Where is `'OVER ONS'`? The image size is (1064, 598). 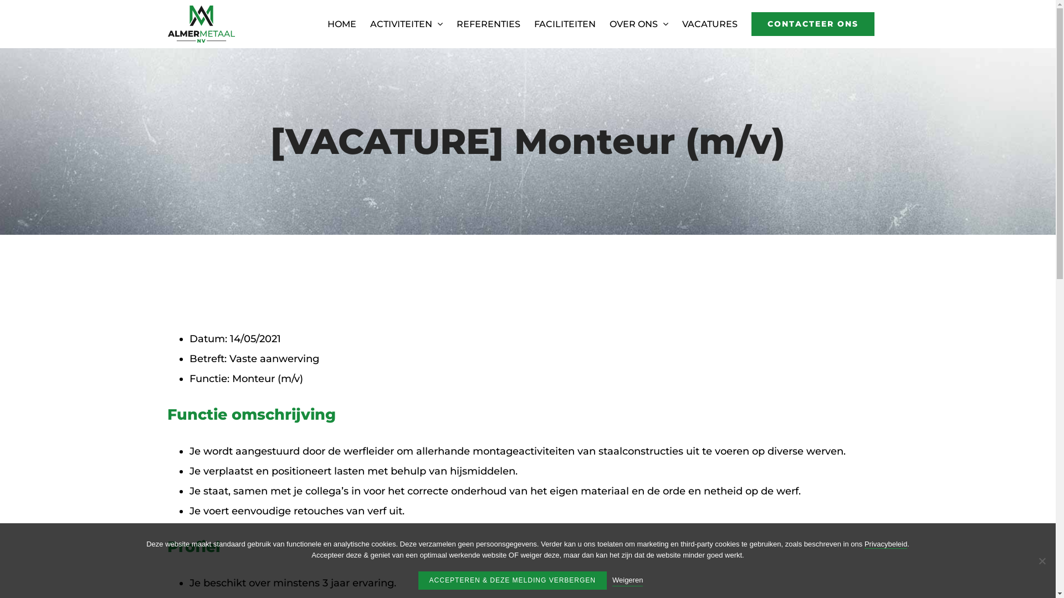 'OVER ONS' is located at coordinates (638, 24).